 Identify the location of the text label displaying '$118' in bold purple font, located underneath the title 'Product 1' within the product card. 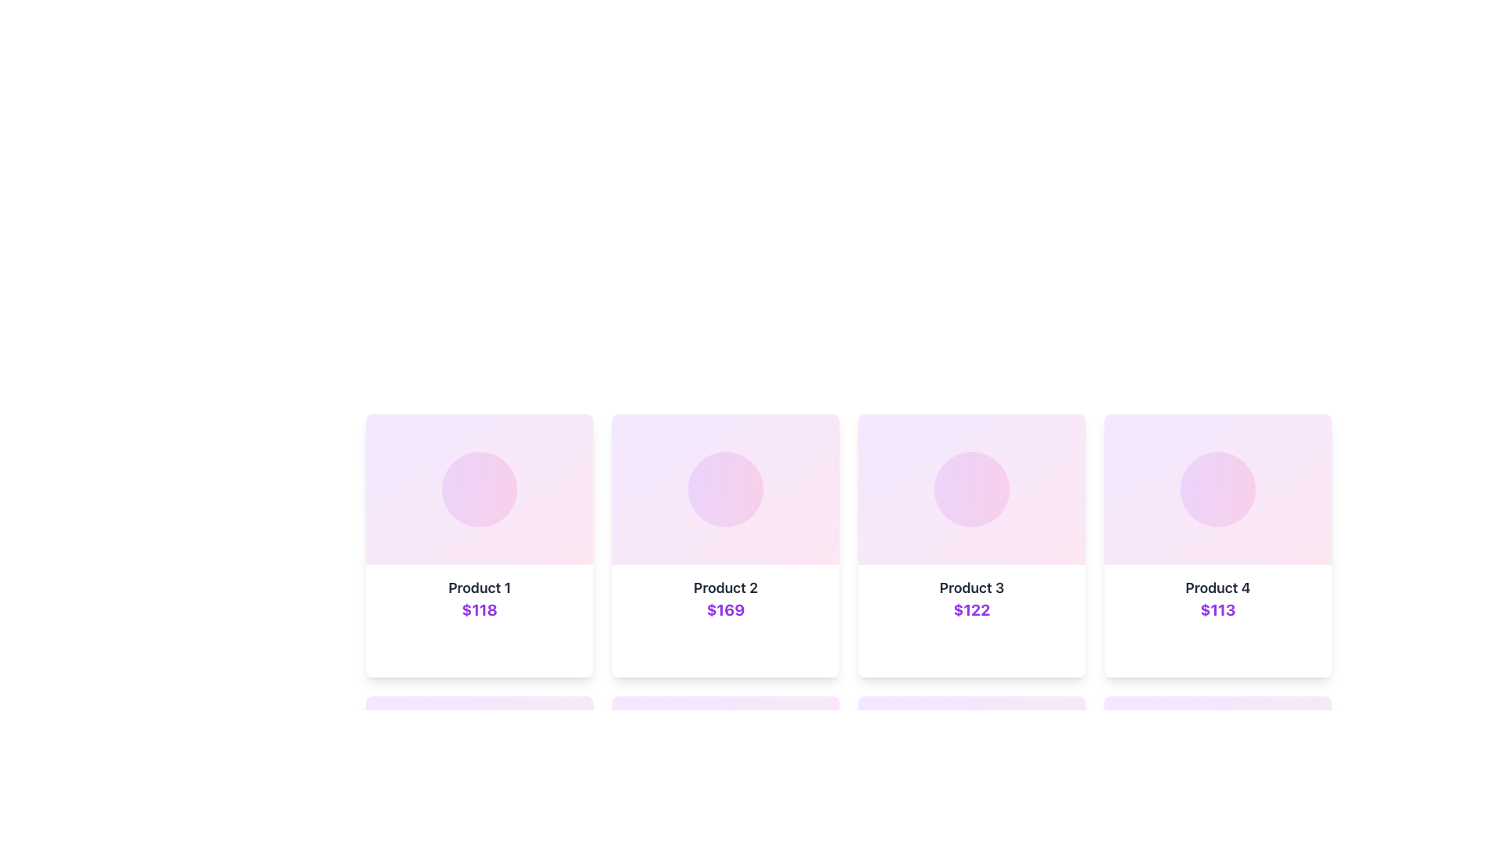
(478, 609).